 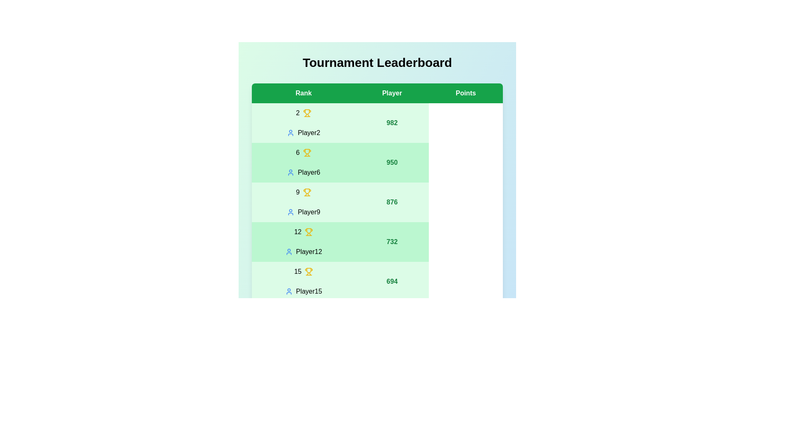 What do you see at coordinates (392, 93) in the screenshot?
I see `the column header Player to sort the leaderboard by that column` at bounding box center [392, 93].